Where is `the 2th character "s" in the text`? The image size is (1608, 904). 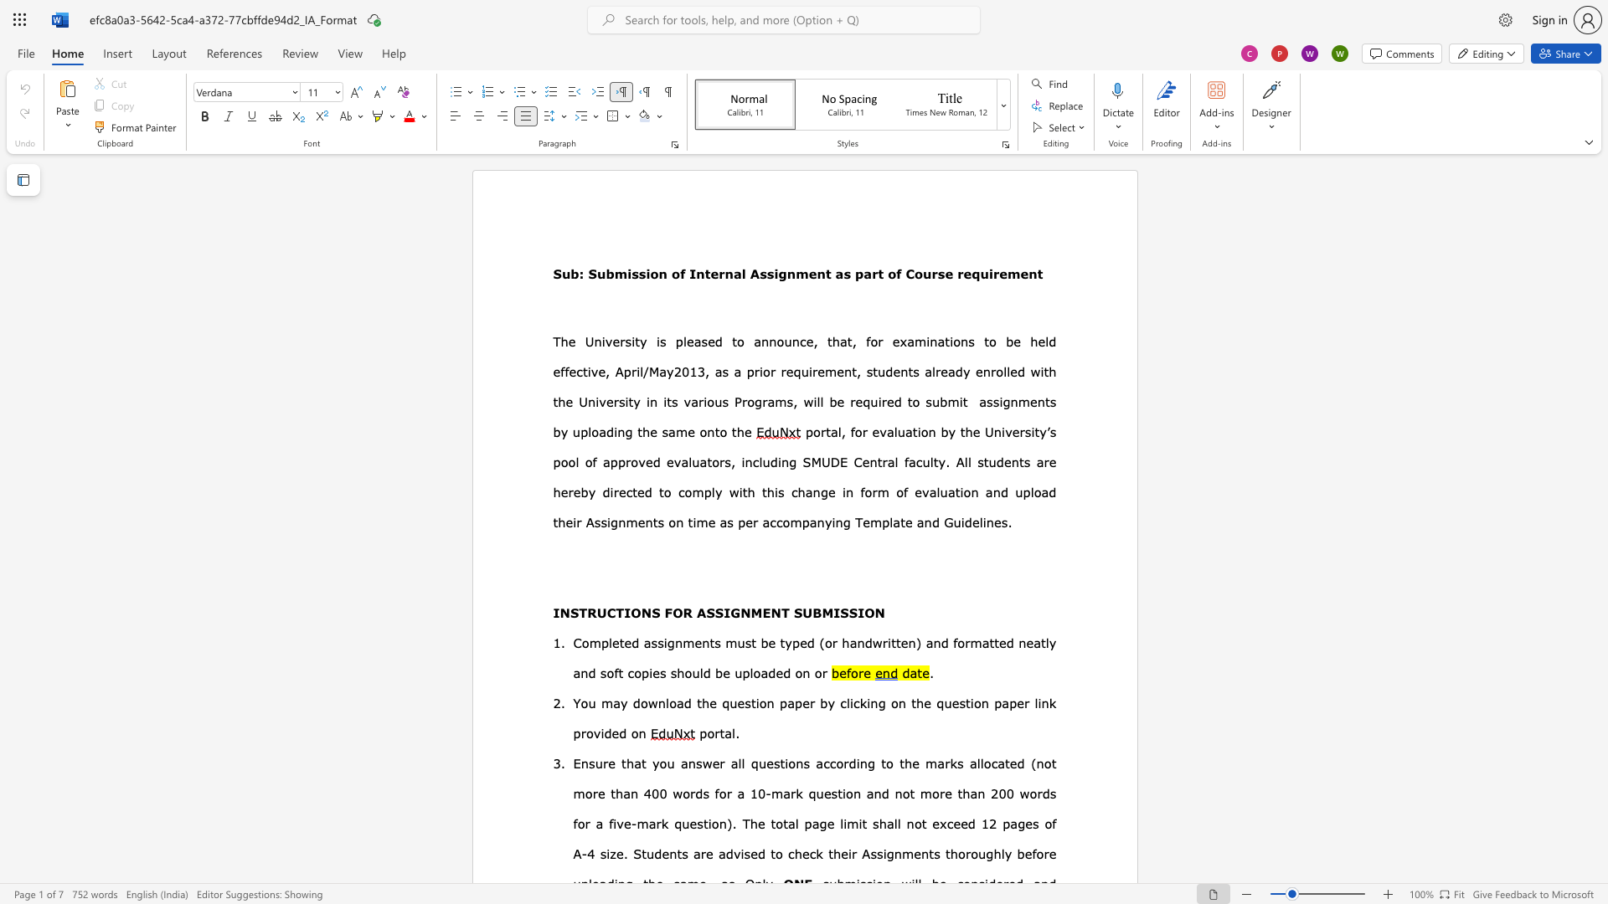
the 2th character "s" in the text is located at coordinates (989, 401).